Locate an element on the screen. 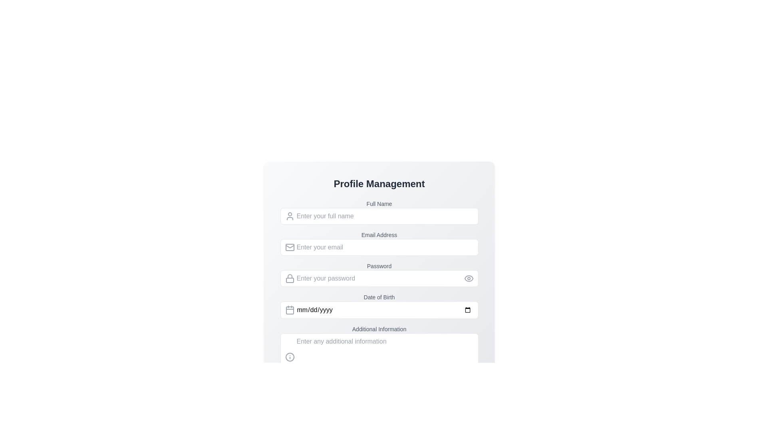 The image size is (767, 431). the locked padlock icon located within the password input field labeled 'Password', positioned to the left of the text input area is located at coordinates (289, 276).